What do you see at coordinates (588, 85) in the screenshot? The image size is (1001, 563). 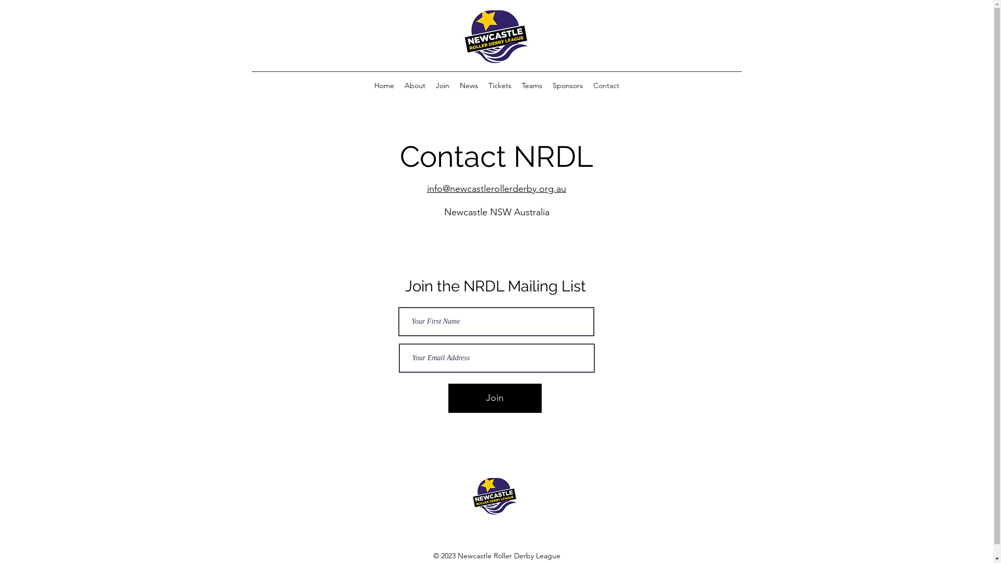 I see `'Contact'` at bounding box center [588, 85].